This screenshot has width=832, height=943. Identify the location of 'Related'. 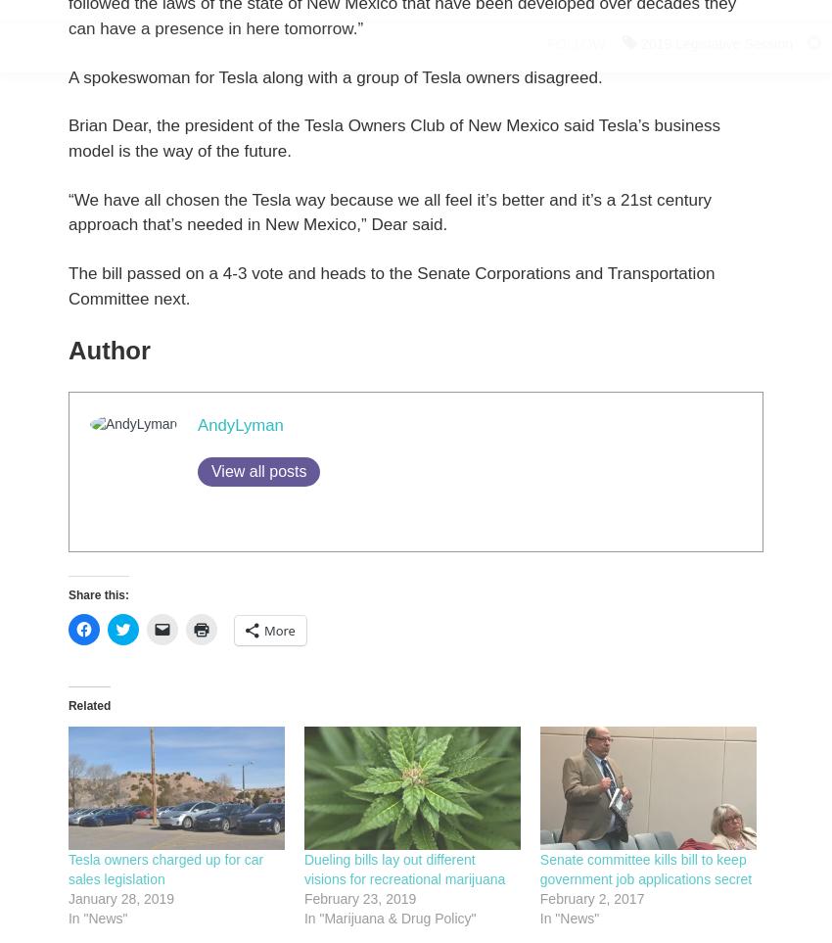
(68, 704).